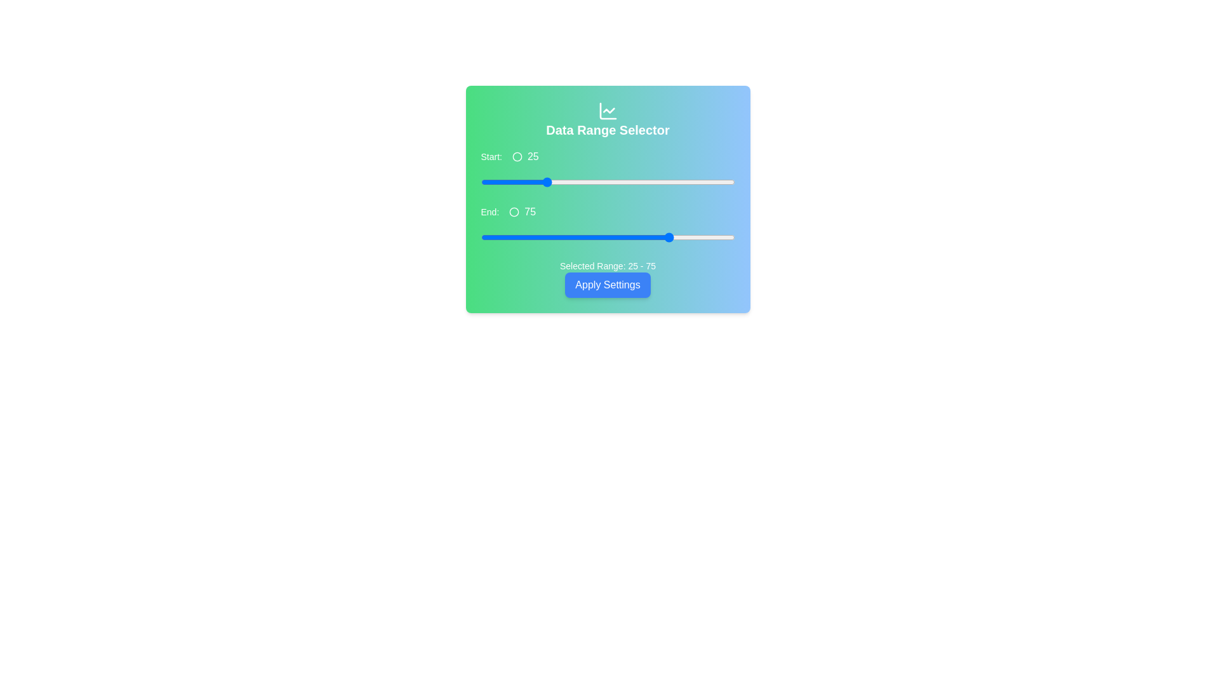 The image size is (1219, 686). What do you see at coordinates (607, 182) in the screenshot?
I see `the knob of the Range slider located beneath the text label 'Start: 25'` at bounding box center [607, 182].